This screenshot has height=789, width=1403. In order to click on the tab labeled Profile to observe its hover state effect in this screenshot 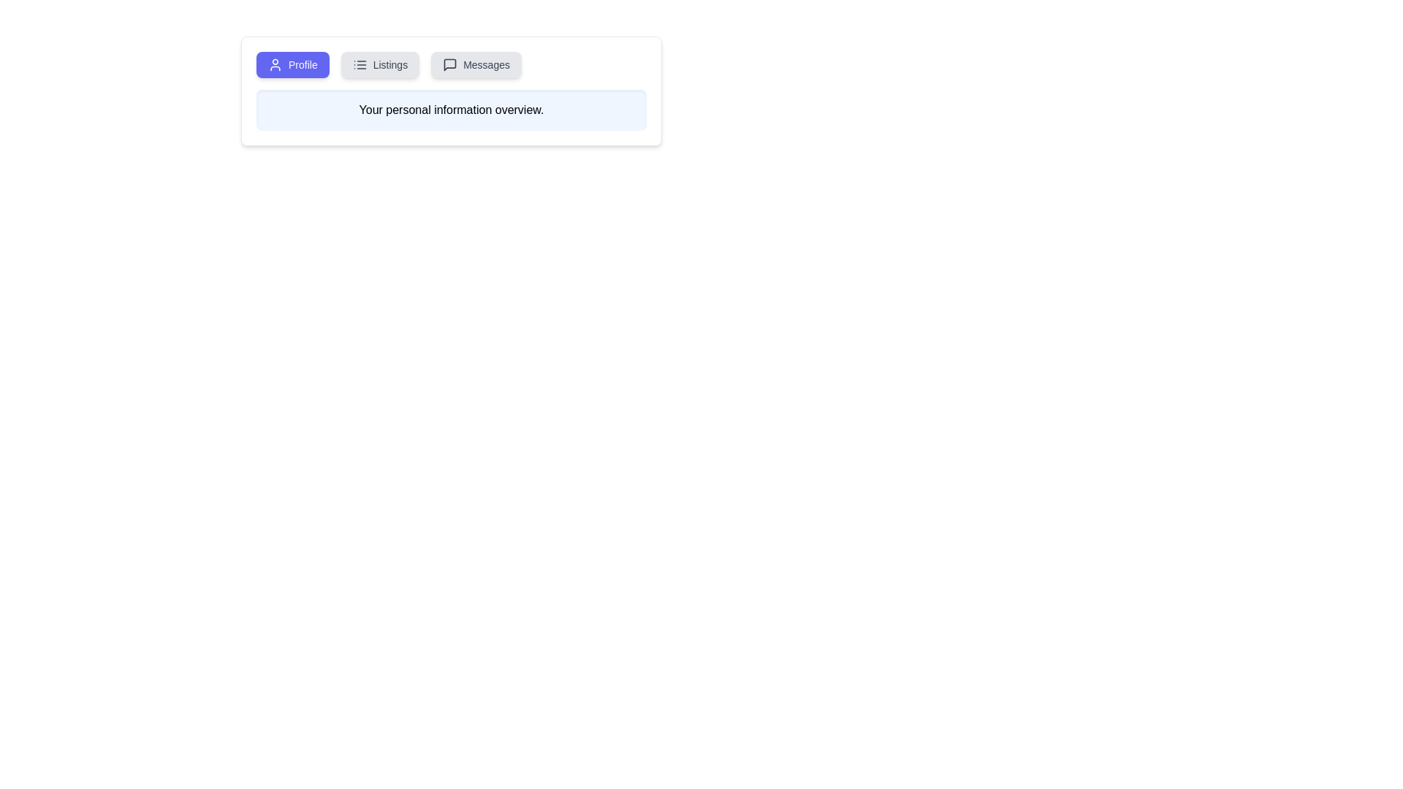, I will do `click(292, 64)`.